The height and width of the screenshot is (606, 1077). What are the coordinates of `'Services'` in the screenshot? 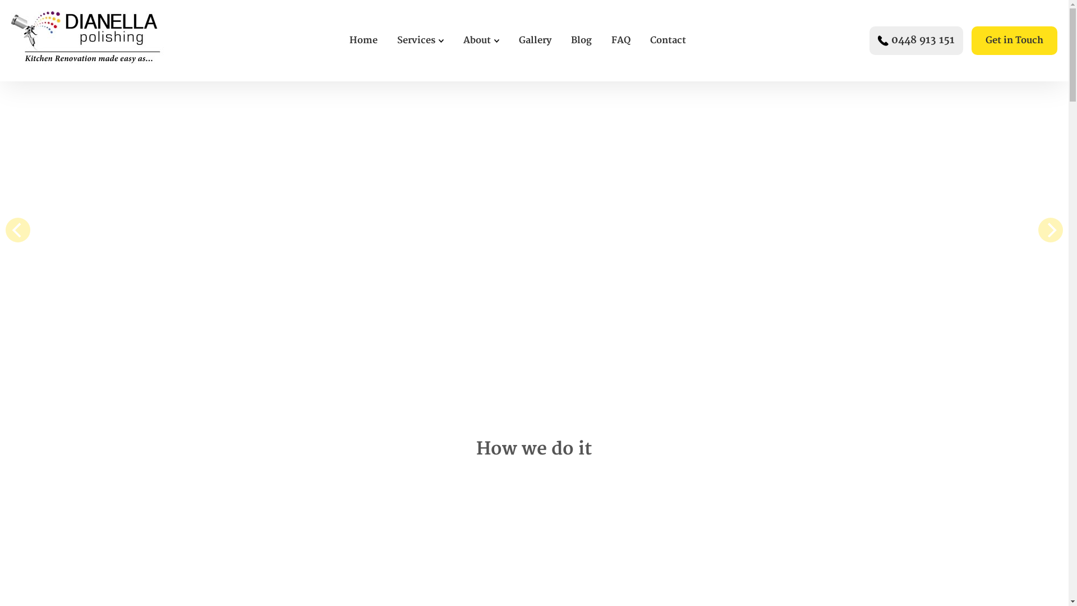 It's located at (416, 40).